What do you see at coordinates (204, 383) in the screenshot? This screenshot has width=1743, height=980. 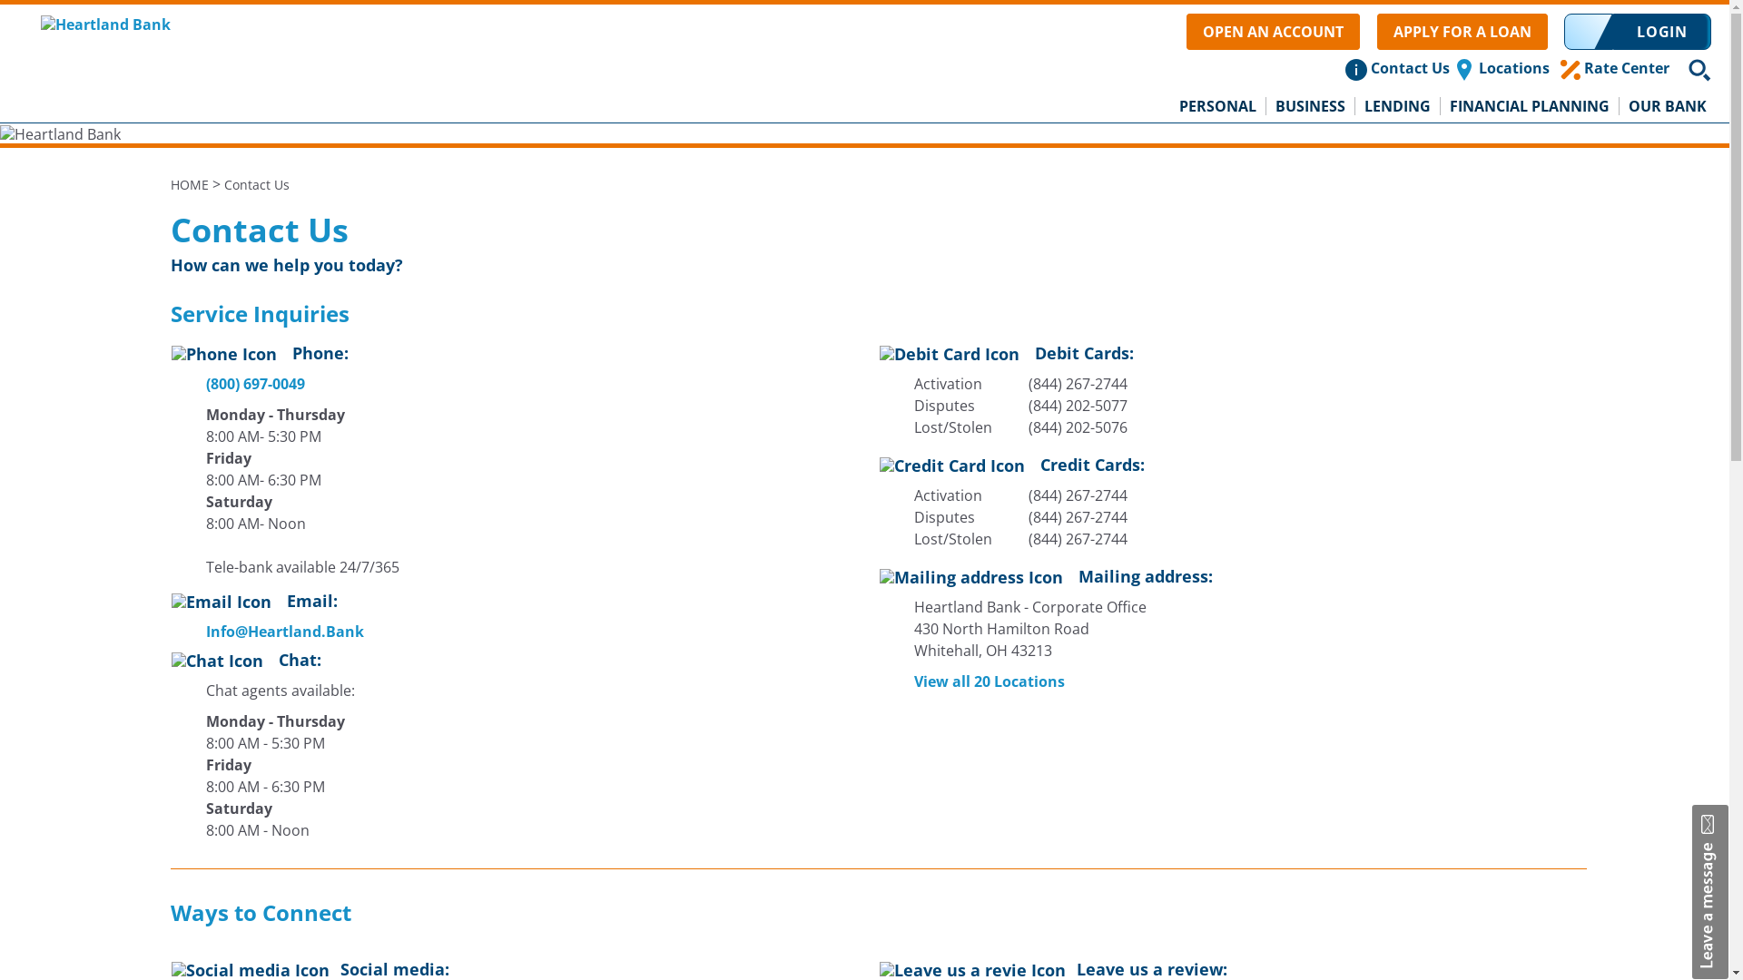 I see `'(800) 697-0049'` at bounding box center [204, 383].